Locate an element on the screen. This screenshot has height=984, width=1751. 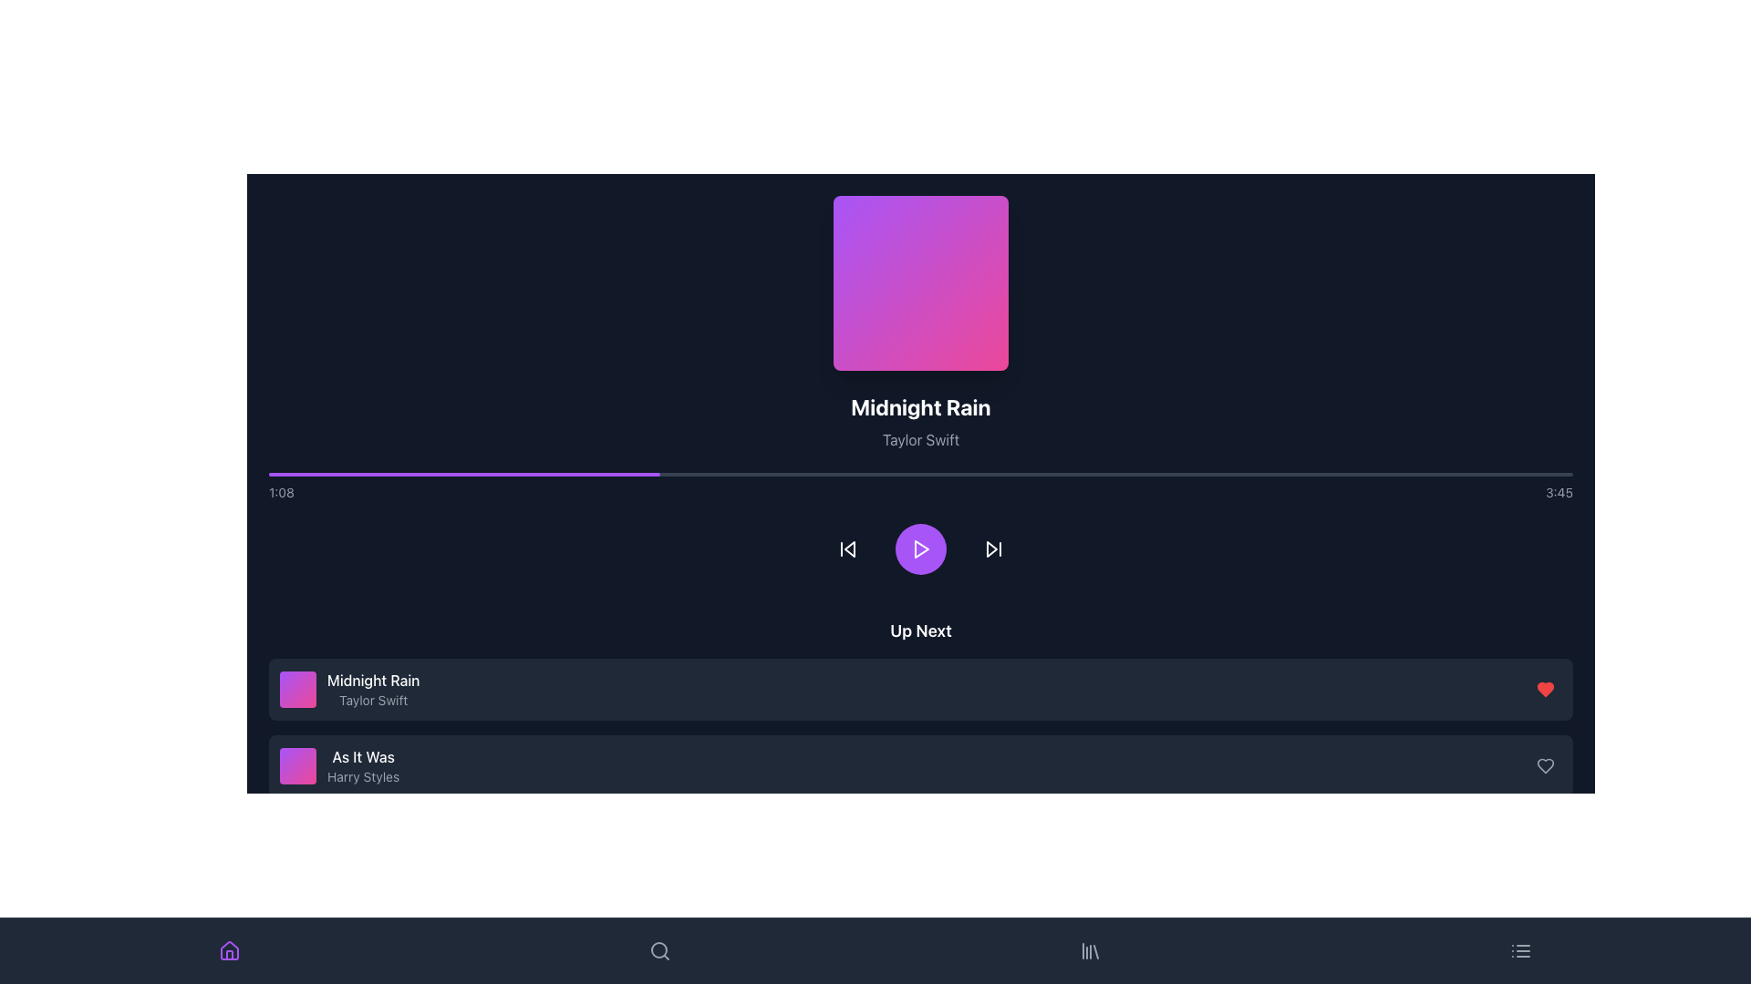
the progress is located at coordinates (1495, 473).